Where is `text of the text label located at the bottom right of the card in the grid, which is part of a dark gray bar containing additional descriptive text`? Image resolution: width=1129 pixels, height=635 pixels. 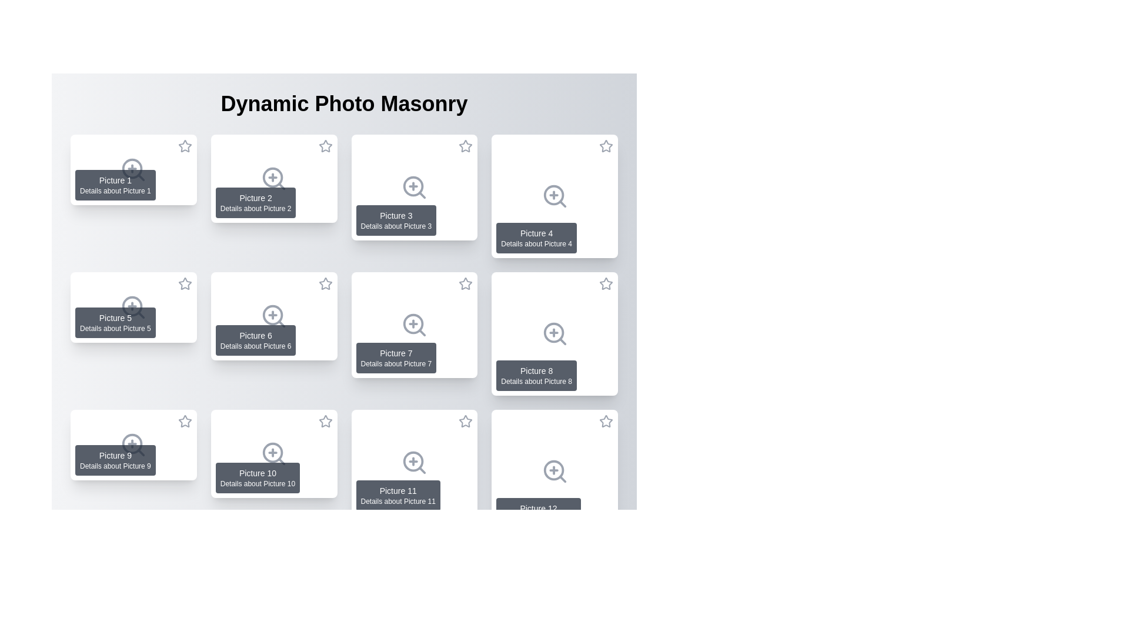
text of the text label located at the bottom right of the card in the grid, which is part of a dark gray bar containing additional descriptive text is located at coordinates (536, 371).